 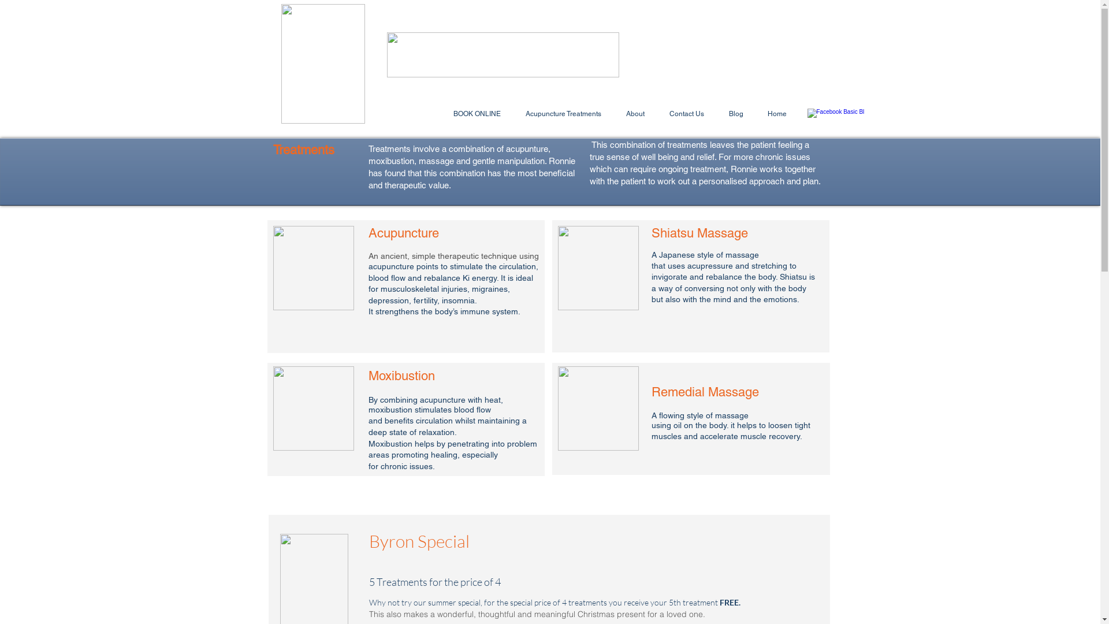 I want to click on 'Acupuncture Treatments', so click(x=563, y=114).